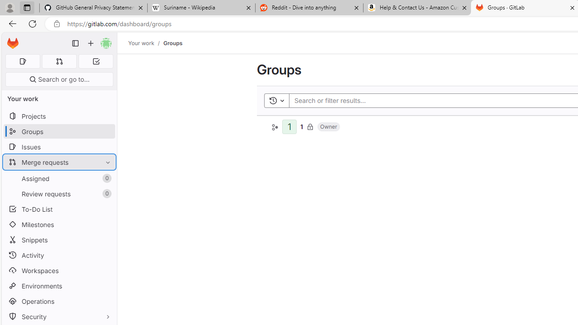 This screenshot has width=578, height=325. I want to click on 'Create new...', so click(91, 43).